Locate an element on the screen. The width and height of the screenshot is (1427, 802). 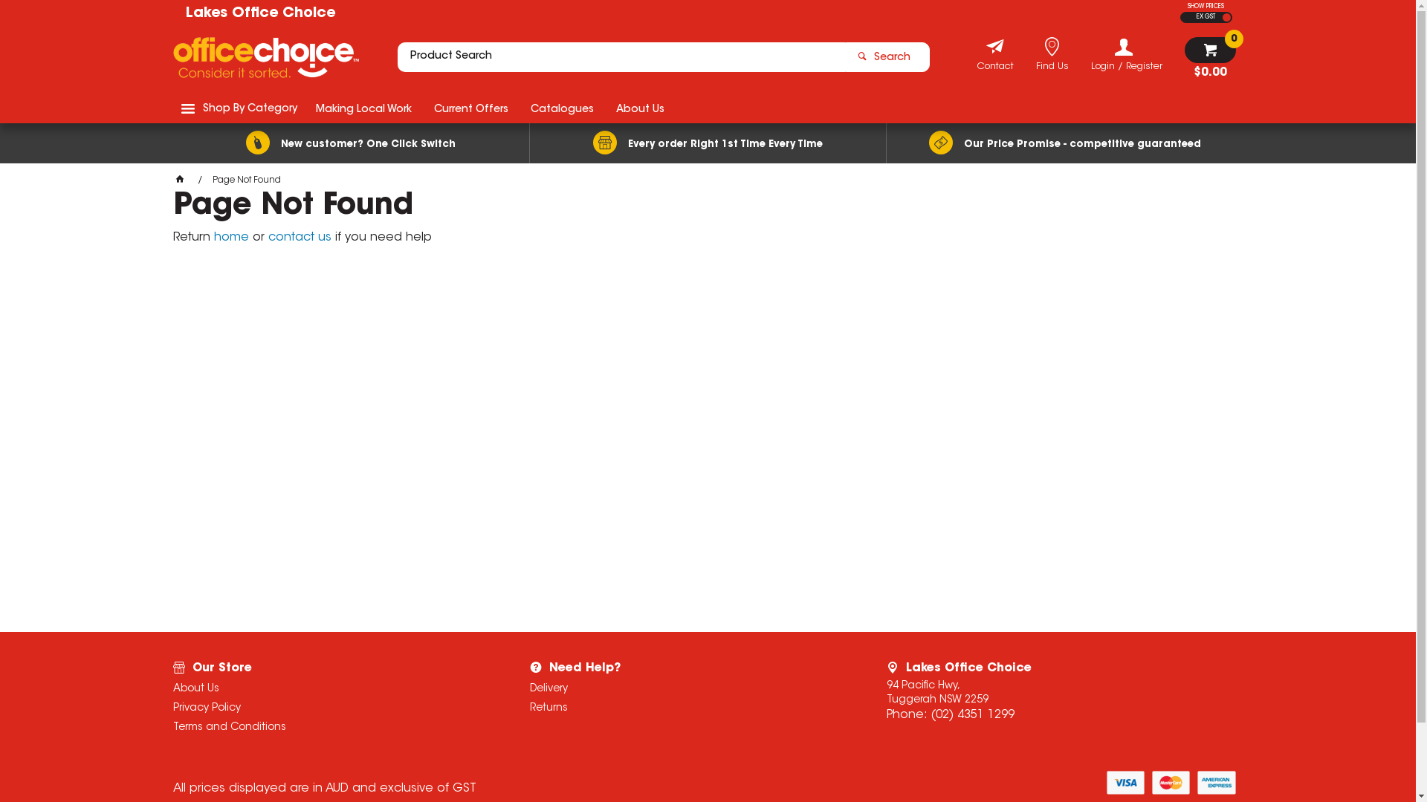
'Login / Register' is located at coordinates (1127, 53).